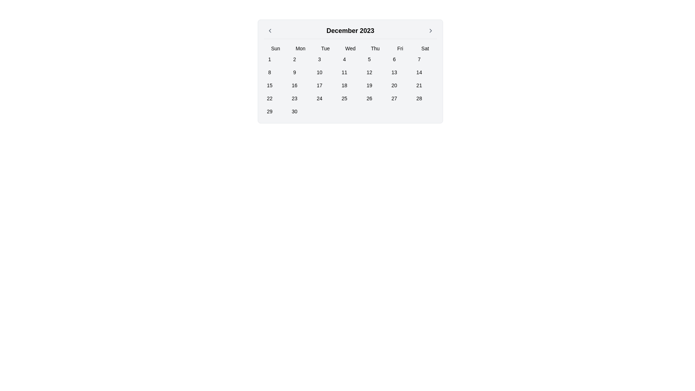 Image resolution: width=695 pixels, height=391 pixels. I want to click on the button representing the 12th day of the month in the calendar interface, so click(369, 72).